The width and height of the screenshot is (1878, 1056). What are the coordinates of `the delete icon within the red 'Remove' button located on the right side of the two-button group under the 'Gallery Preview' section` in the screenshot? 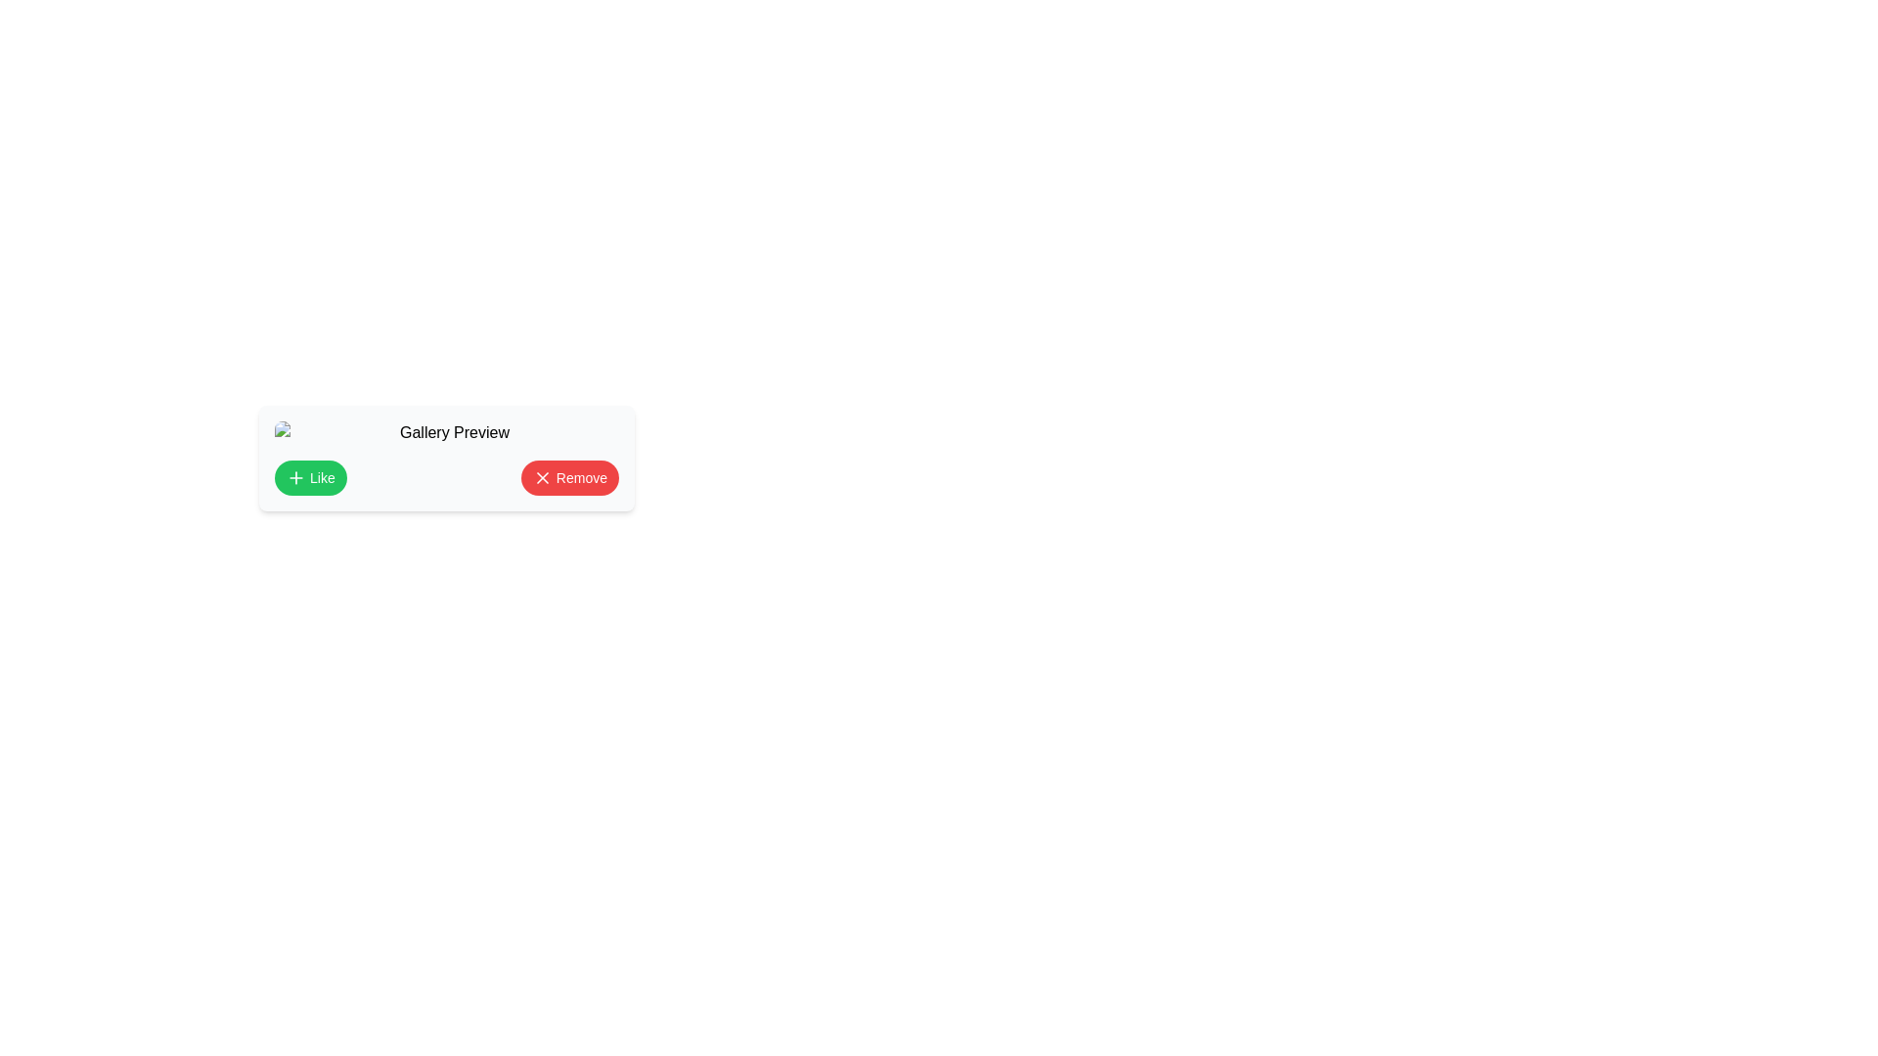 It's located at (542, 478).